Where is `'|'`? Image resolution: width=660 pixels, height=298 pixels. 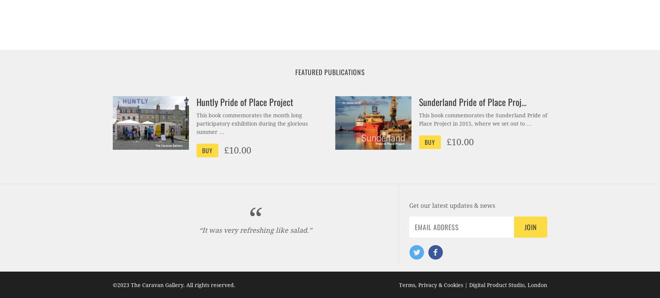
'|' is located at coordinates (465, 285).